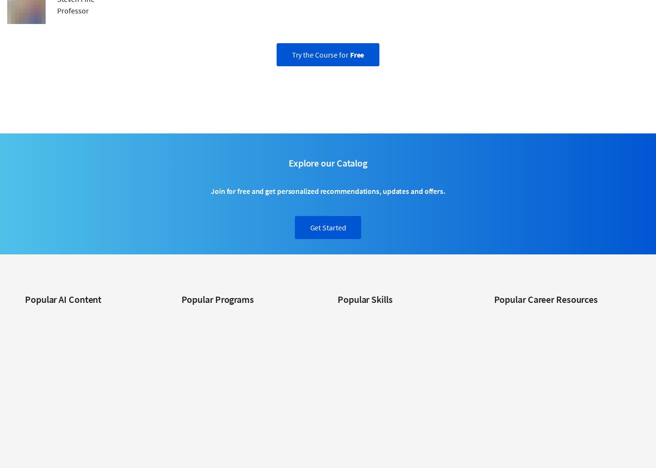  Describe the element at coordinates (181, 412) in the screenshot. I see `'Google IT Support Professional Certificate'` at that location.